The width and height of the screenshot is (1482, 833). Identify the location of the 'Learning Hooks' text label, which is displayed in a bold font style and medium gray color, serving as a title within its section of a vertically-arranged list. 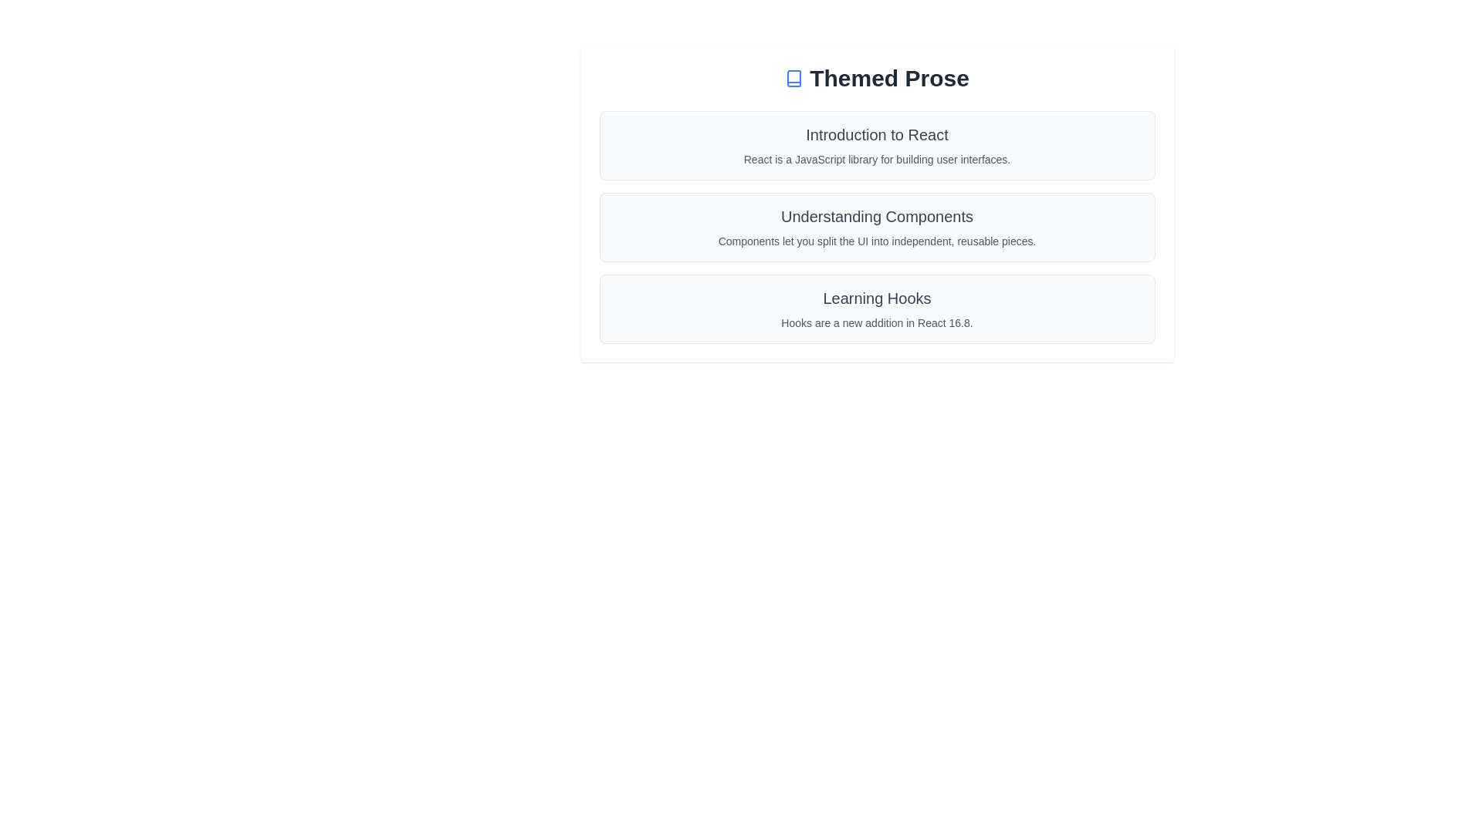
(877, 298).